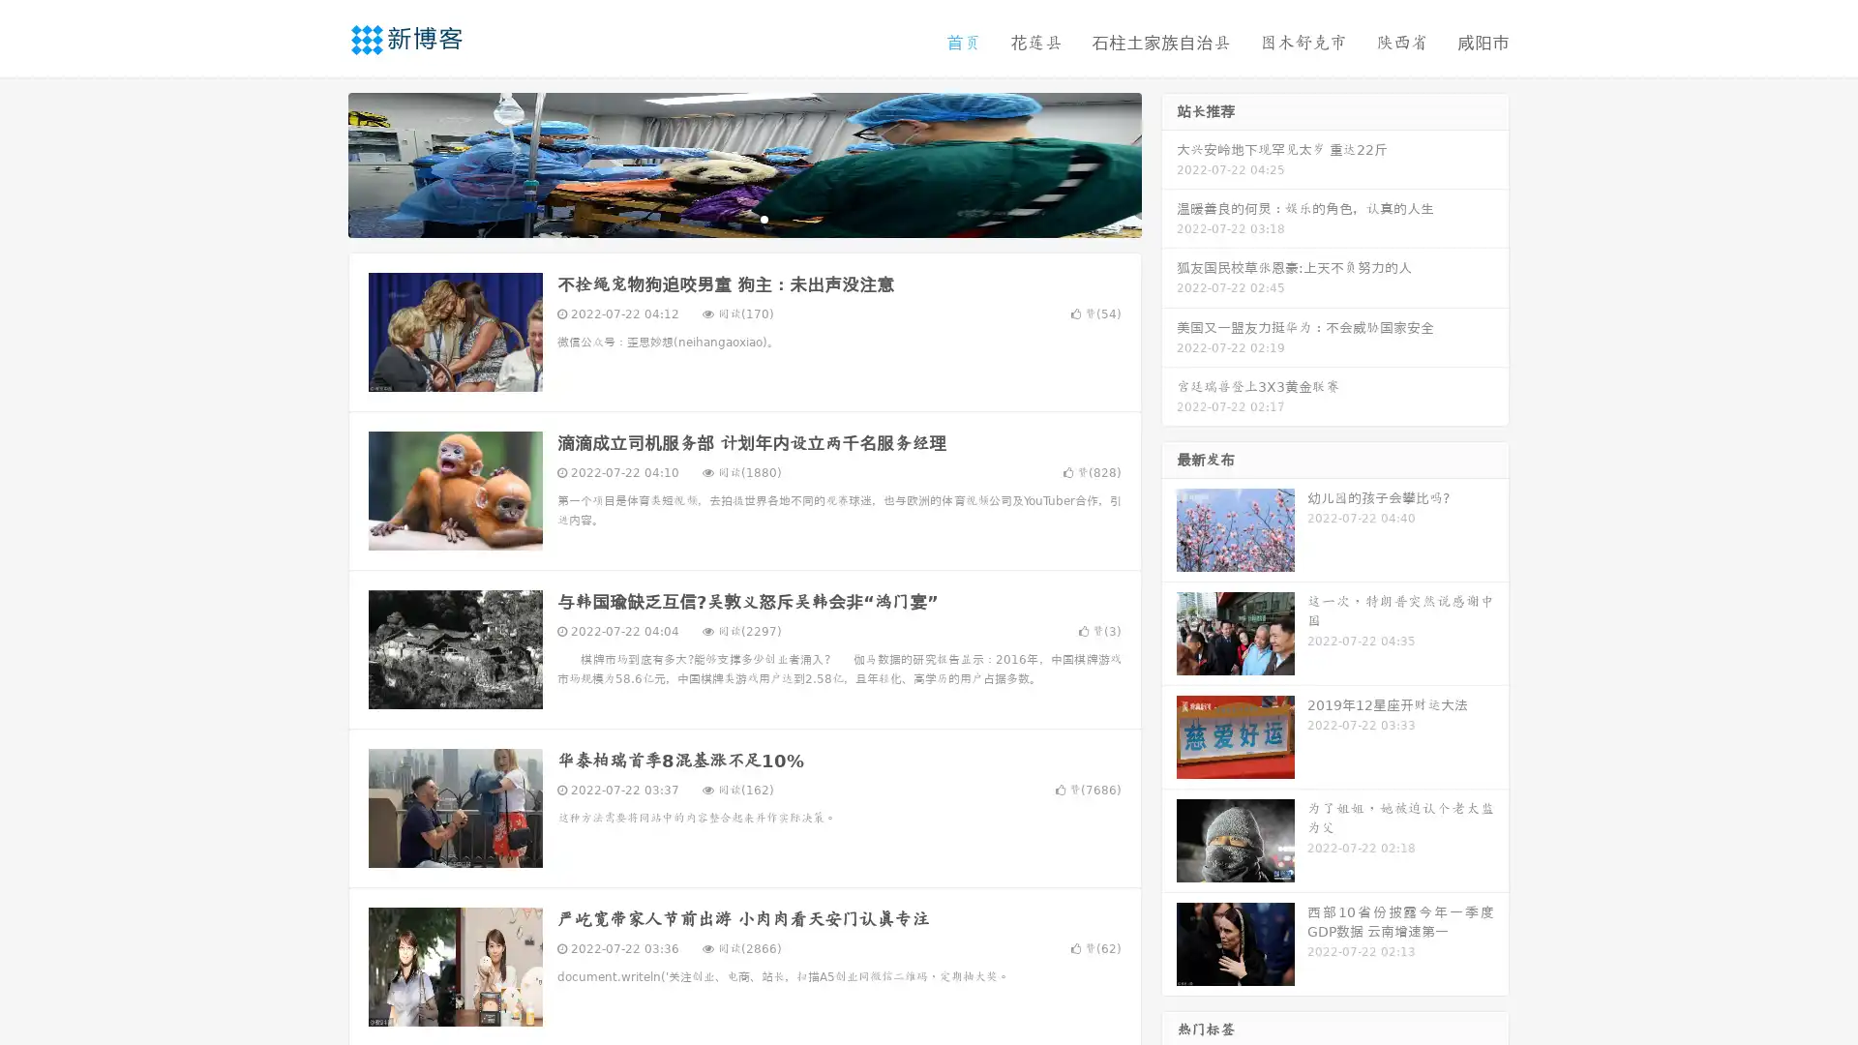 This screenshot has width=1858, height=1045. What do you see at coordinates (764, 218) in the screenshot?
I see `Go to slide 3` at bounding box center [764, 218].